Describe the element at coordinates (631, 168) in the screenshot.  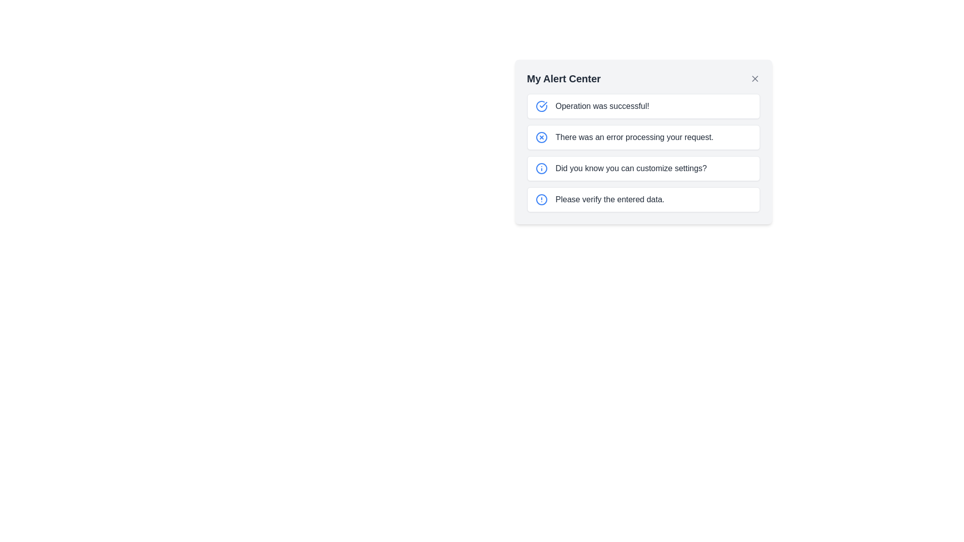
I see `the text label that reads 'Did you know you can customize settings?' which is located in the third row of a vertical stack of alerts within a notification box` at that location.